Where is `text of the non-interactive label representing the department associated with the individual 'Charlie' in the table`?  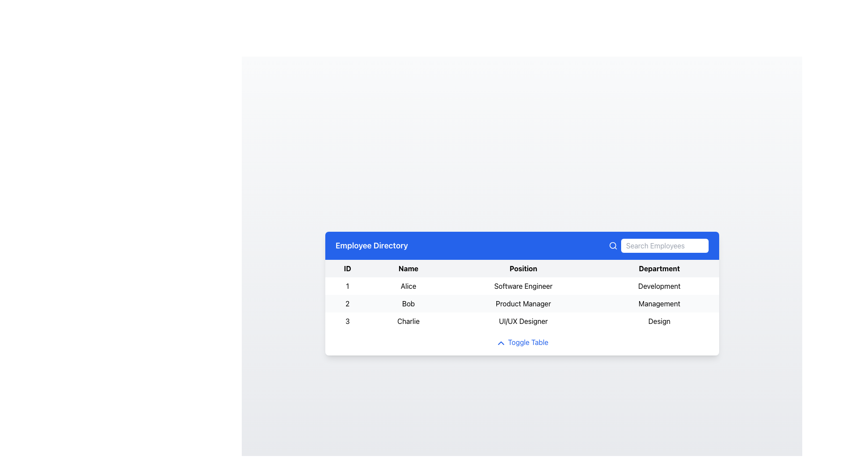
text of the non-interactive label representing the department associated with the individual 'Charlie' in the table is located at coordinates (659, 321).